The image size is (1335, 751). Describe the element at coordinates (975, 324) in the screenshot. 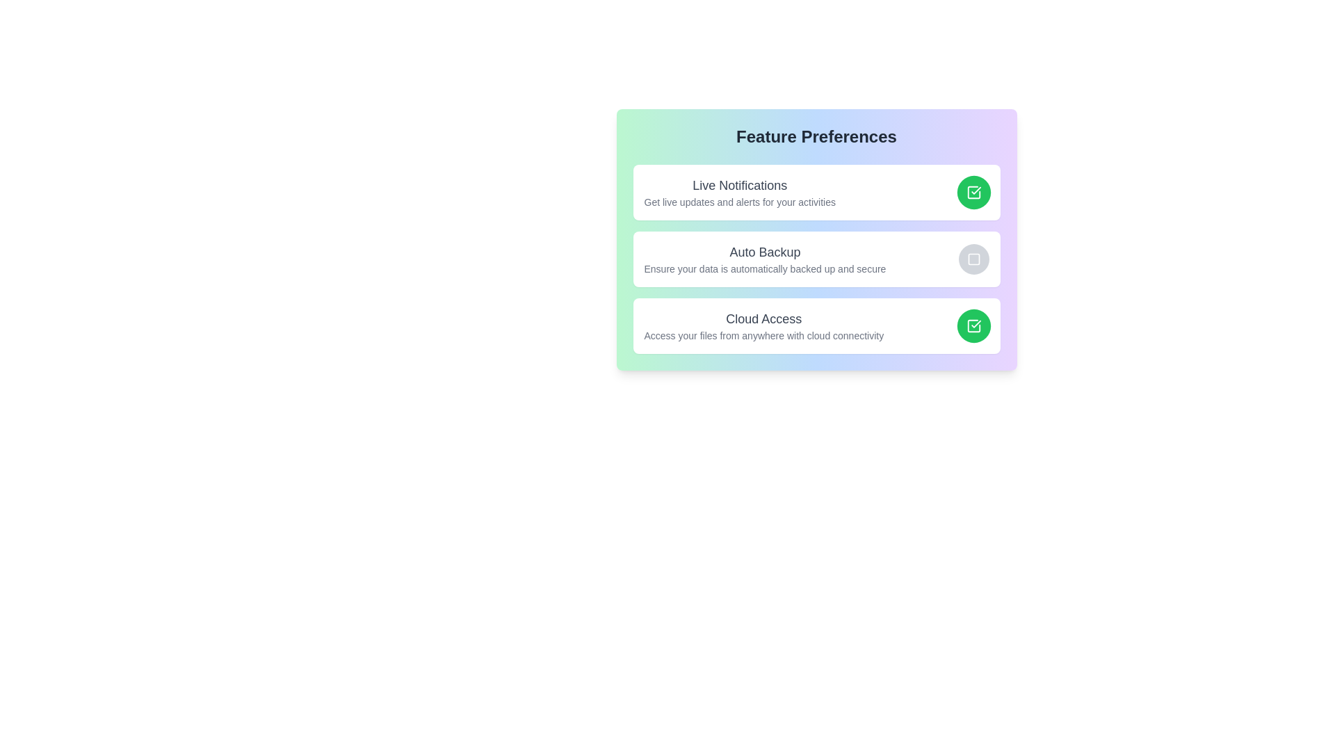

I see `the green checkmark icon located in the top right corner of the 'Live Notifications' item` at that location.